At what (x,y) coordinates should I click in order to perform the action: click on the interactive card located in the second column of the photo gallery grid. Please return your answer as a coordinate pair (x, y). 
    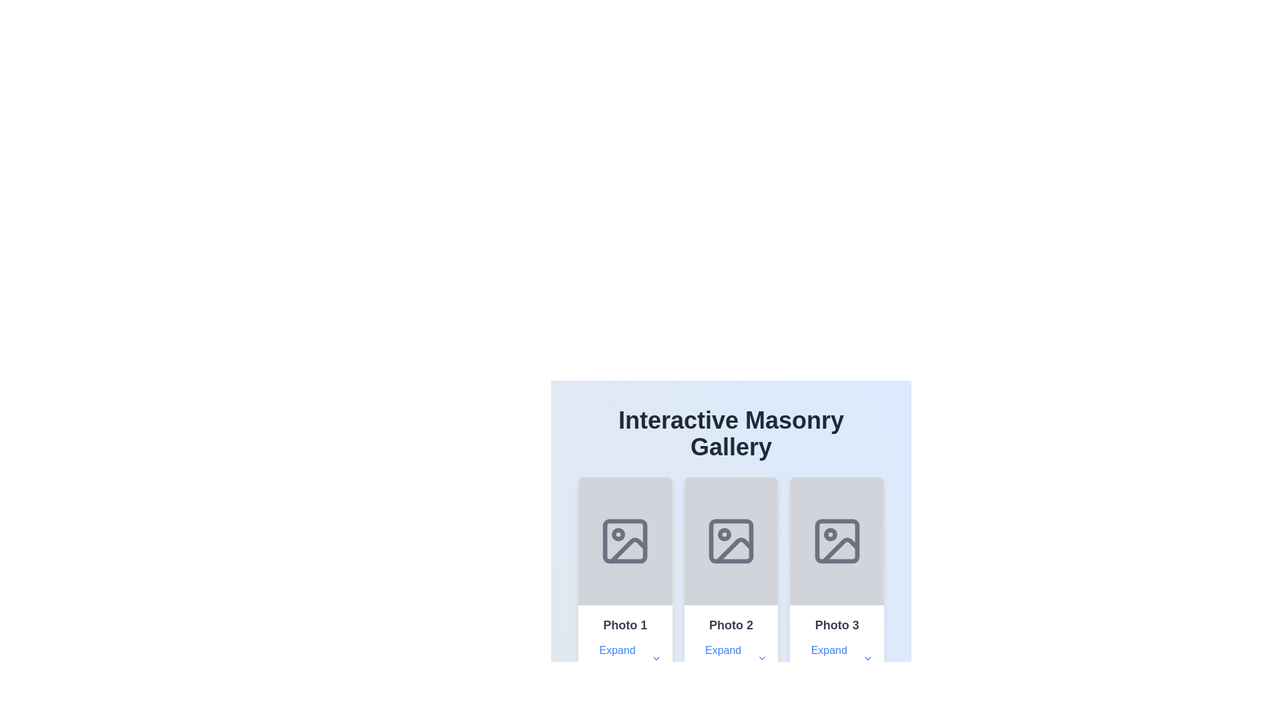
    Looking at the image, I should click on (730, 580).